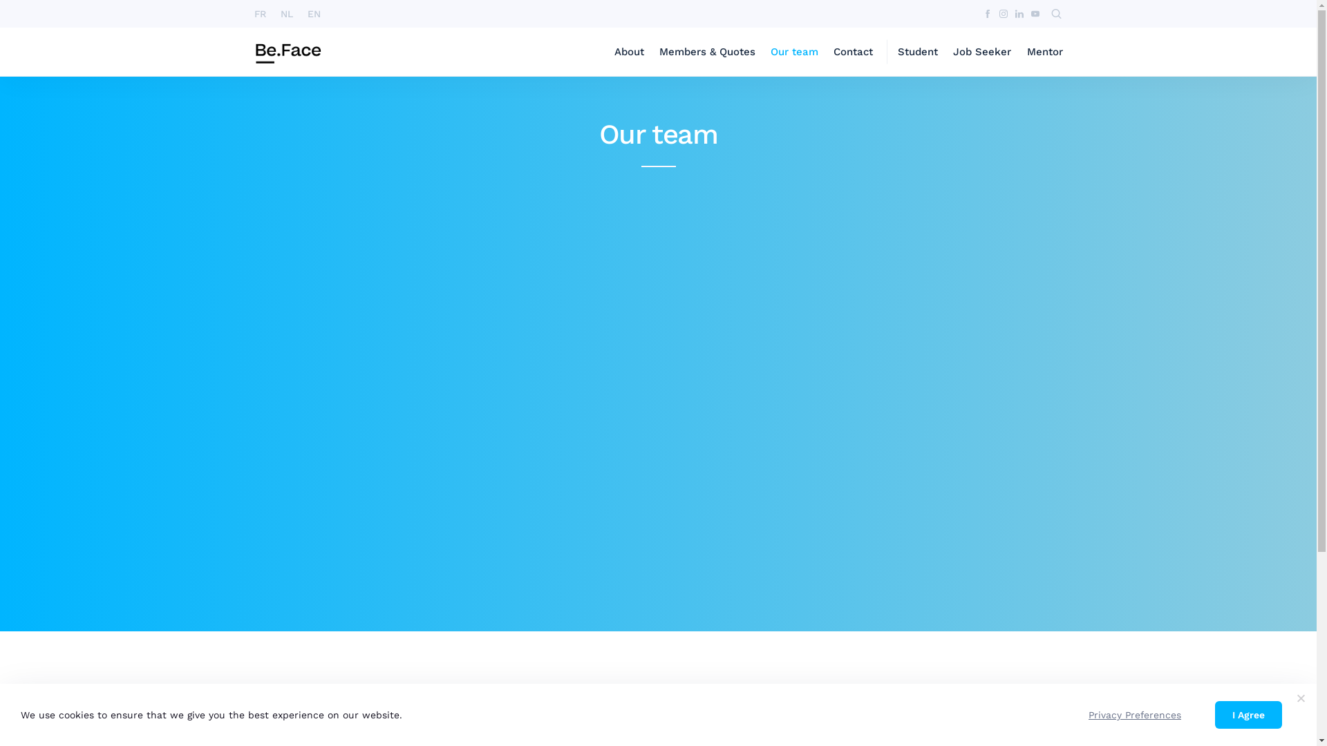  Describe the element at coordinates (1134, 714) in the screenshot. I see `'Privacy Preferences'` at that location.